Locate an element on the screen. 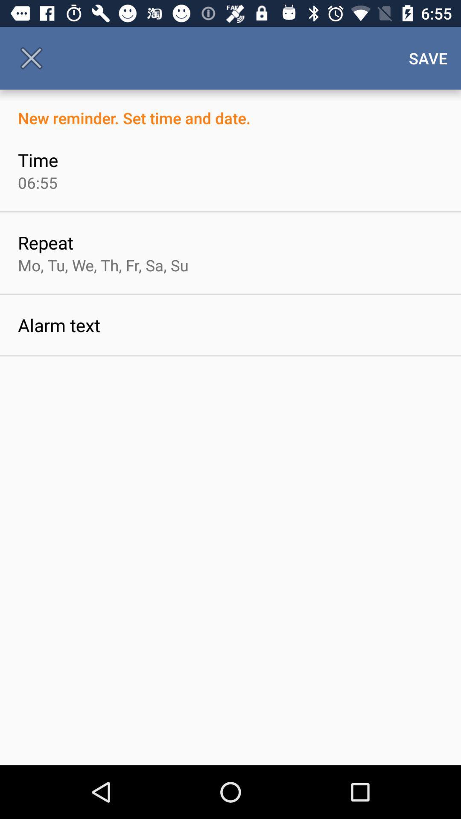 The height and width of the screenshot is (819, 461). the icon to the left of the save item is located at coordinates (31, 58).